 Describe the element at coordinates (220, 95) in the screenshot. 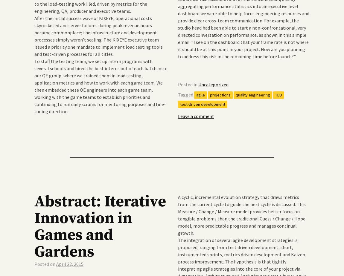

I see `'projections'` at that location.